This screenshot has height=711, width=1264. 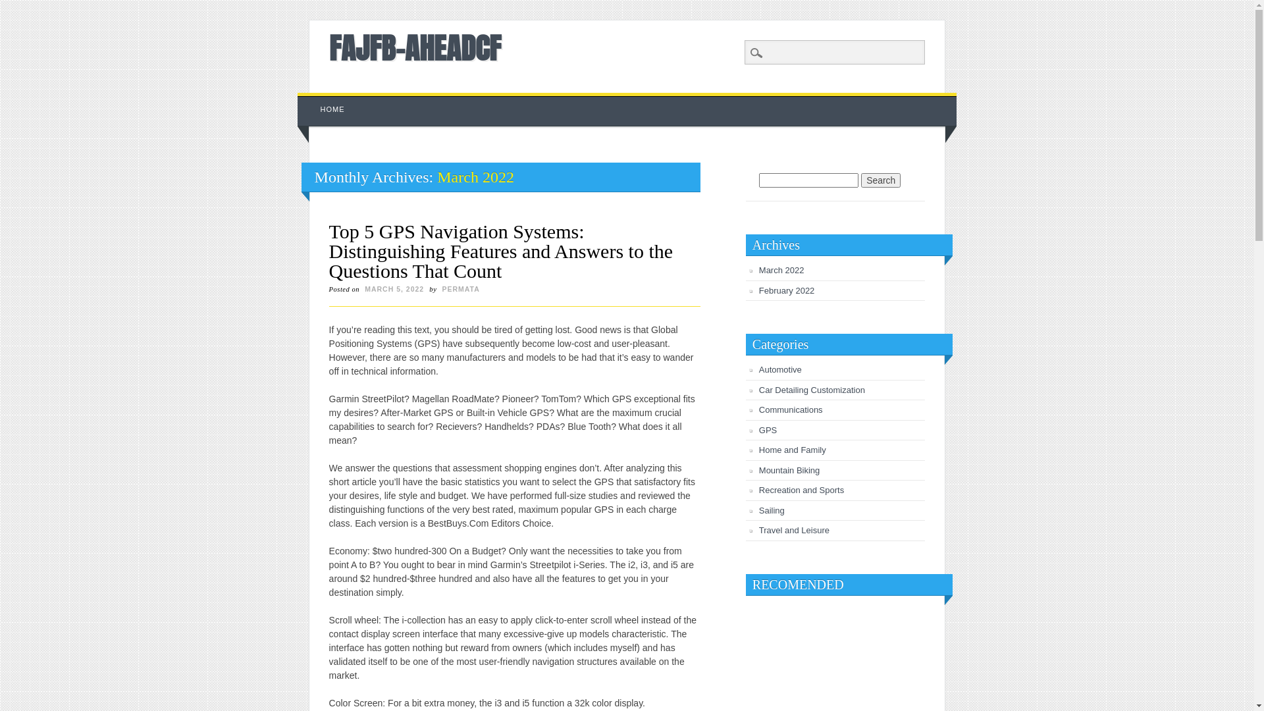 What do you see at coordinates (811, 389) in the screenshot?
I see `'Car Detailing Customization'` at bounding box center [811, 389].